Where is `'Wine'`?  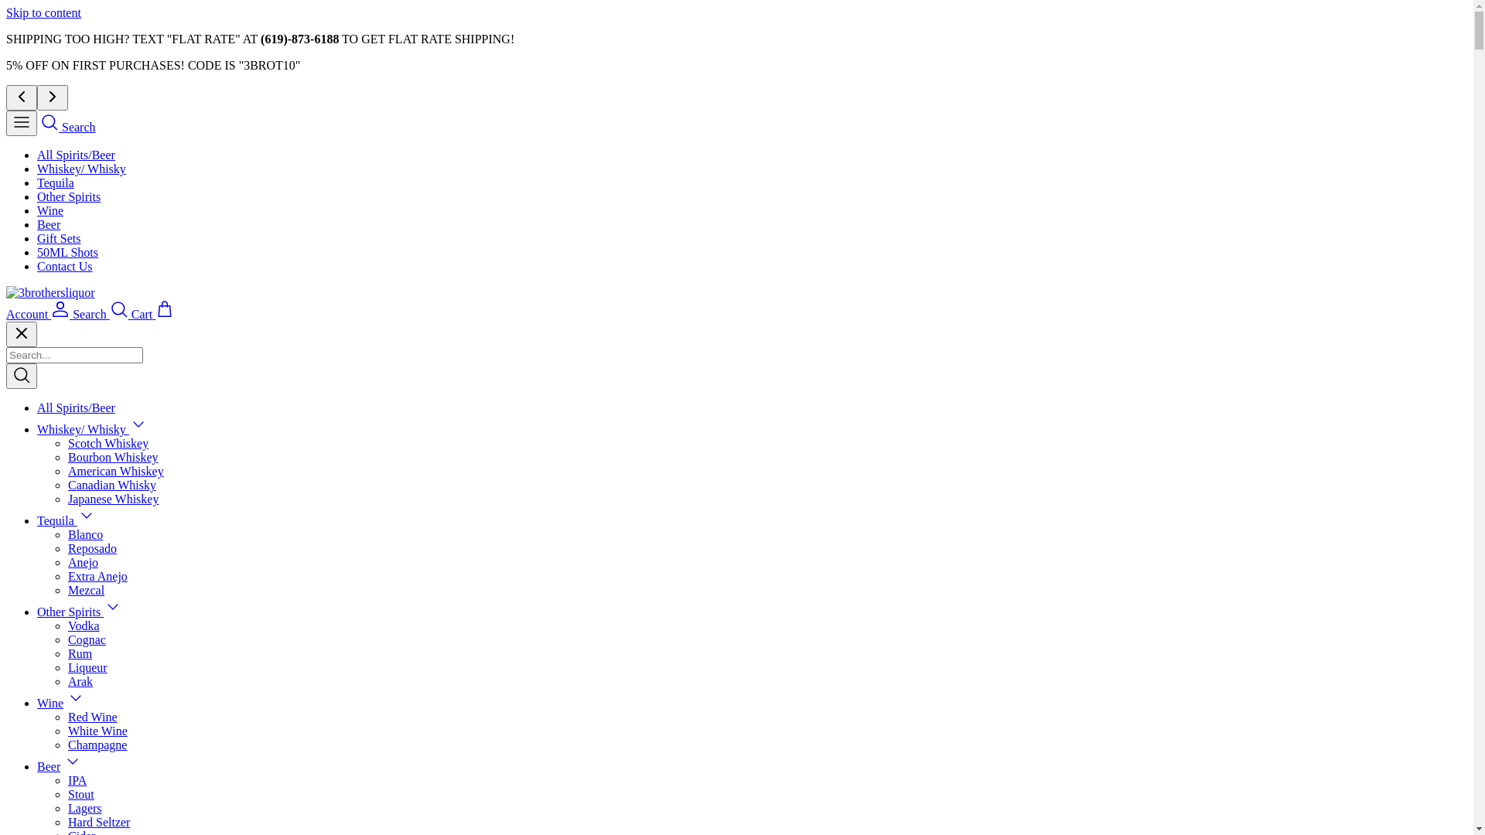 'Wine' is located at coordinates (50, 703).